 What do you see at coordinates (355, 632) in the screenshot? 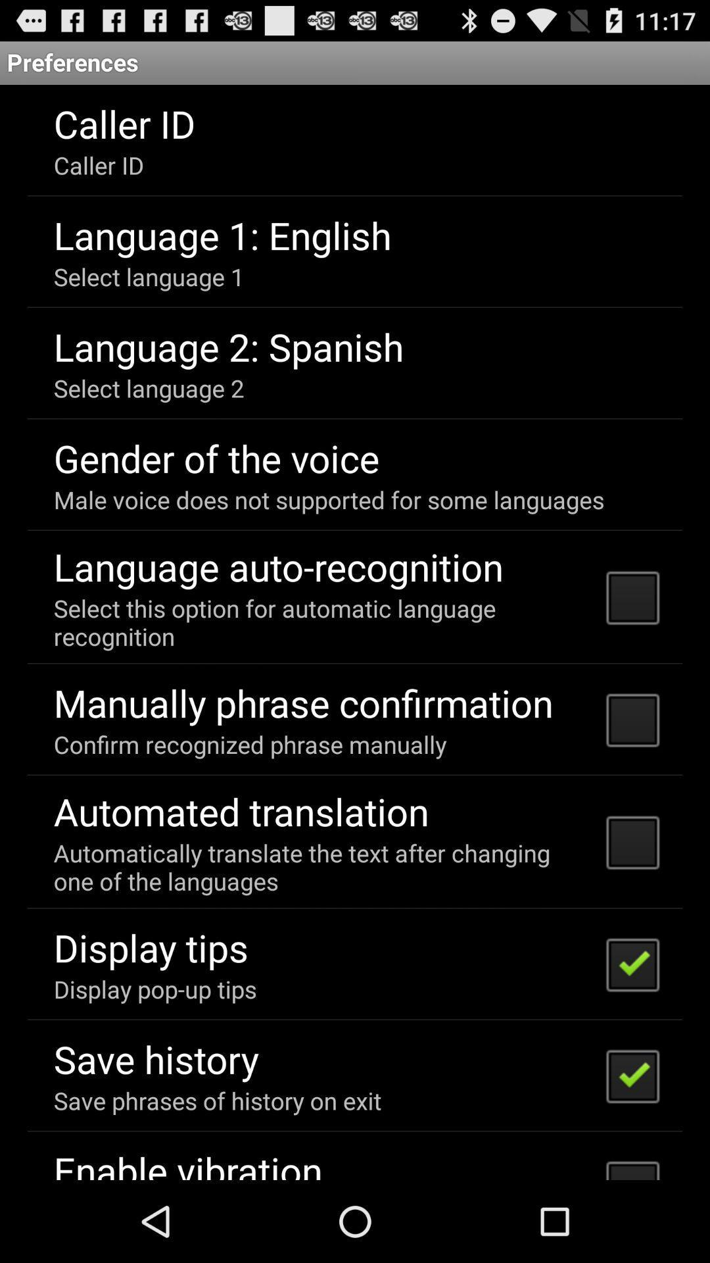
I see `main menu` at bounding box center [355, 632].